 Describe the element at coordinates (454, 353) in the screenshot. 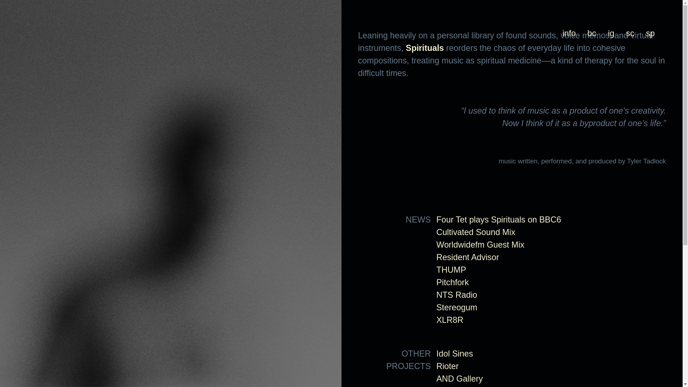

I see `'Idol Sines'` at that location.